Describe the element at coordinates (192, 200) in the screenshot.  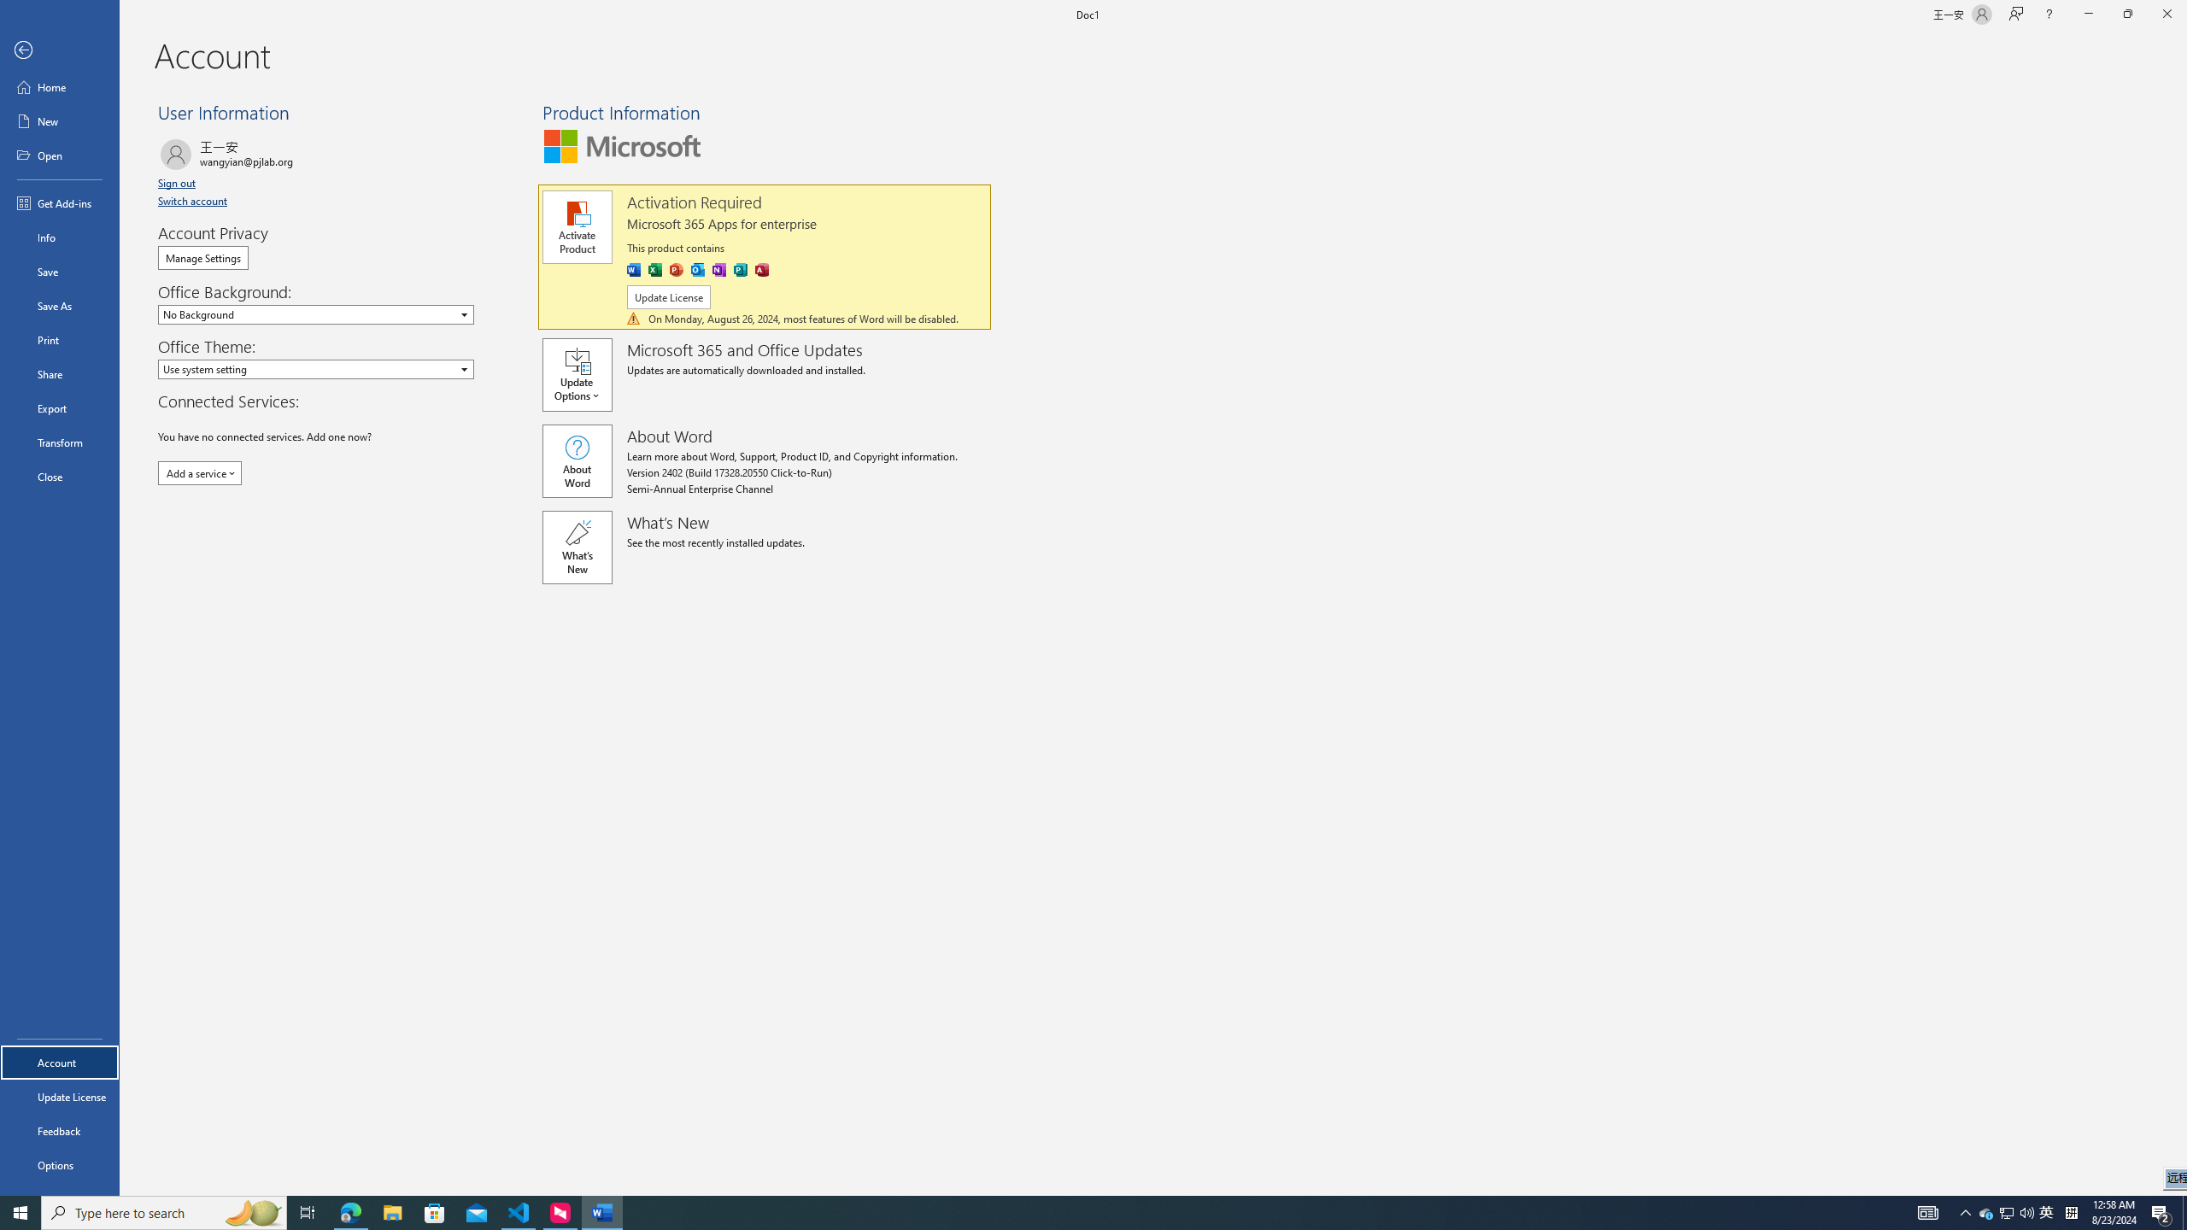
I see `'Switch account'` at that location.